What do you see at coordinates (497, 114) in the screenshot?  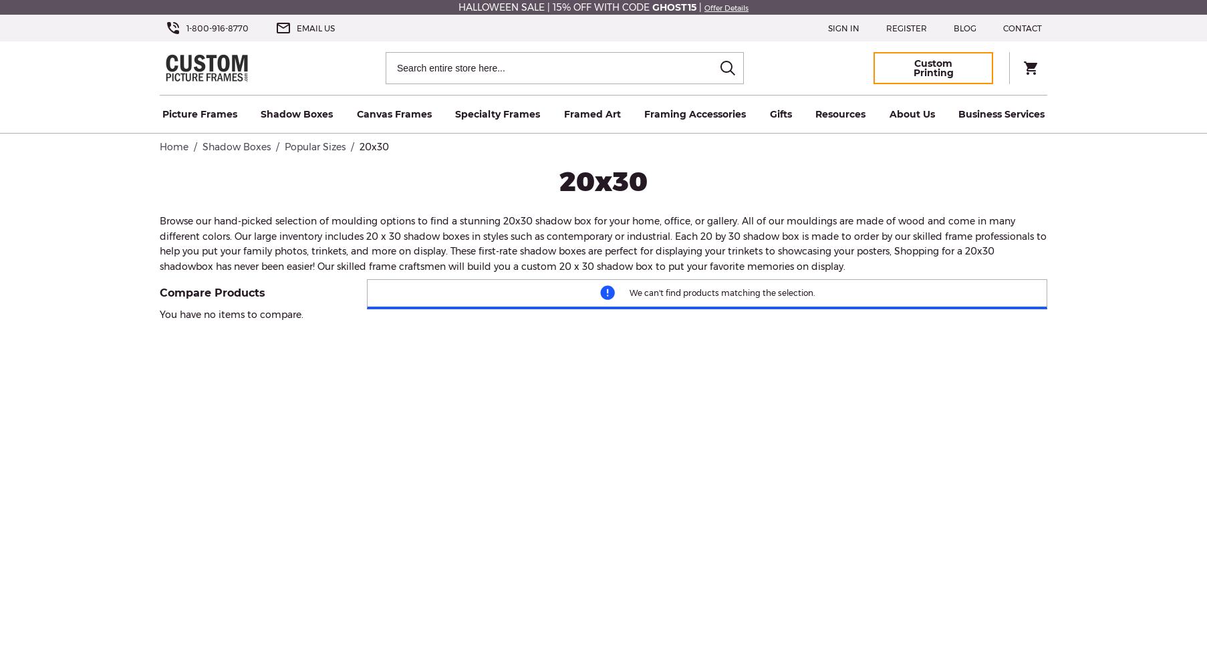 I see `'Specialty Frames'` at bounding box center [497, 114].